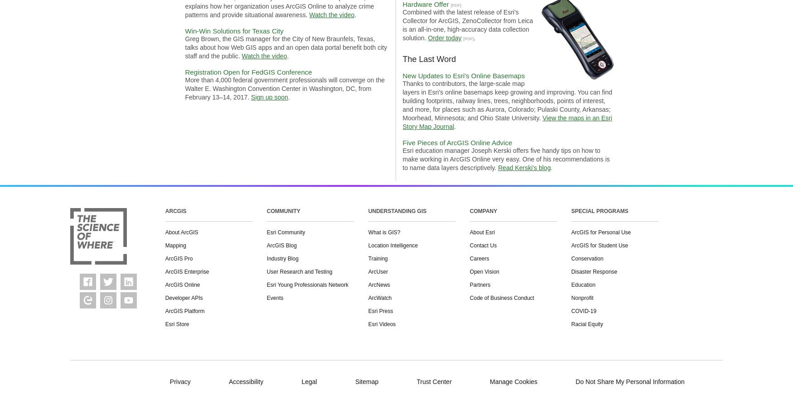 The width and height of the screenshot is (793, 403). What do you see at coordinates (600, 232) in the screenshot?
I see `'ArcGIS for Personal Use'` at bounding box center [600, 232].